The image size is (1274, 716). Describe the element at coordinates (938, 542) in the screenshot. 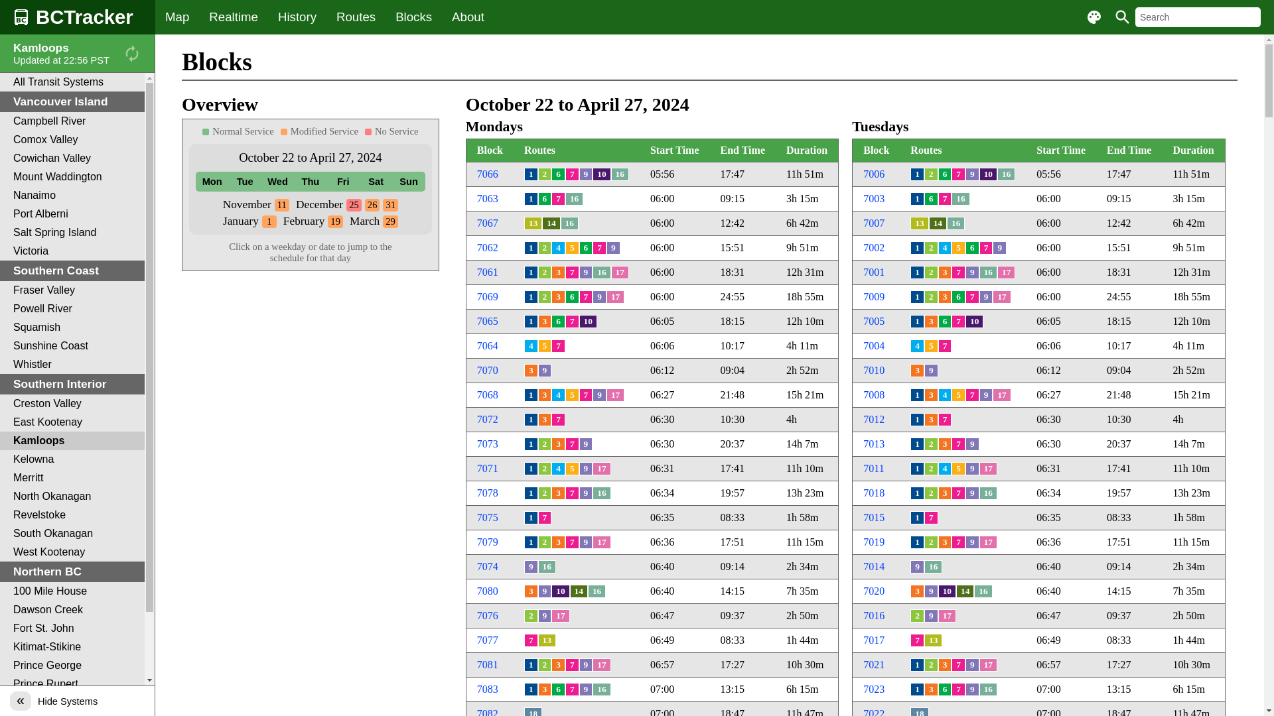

I see `'3'` at that location.